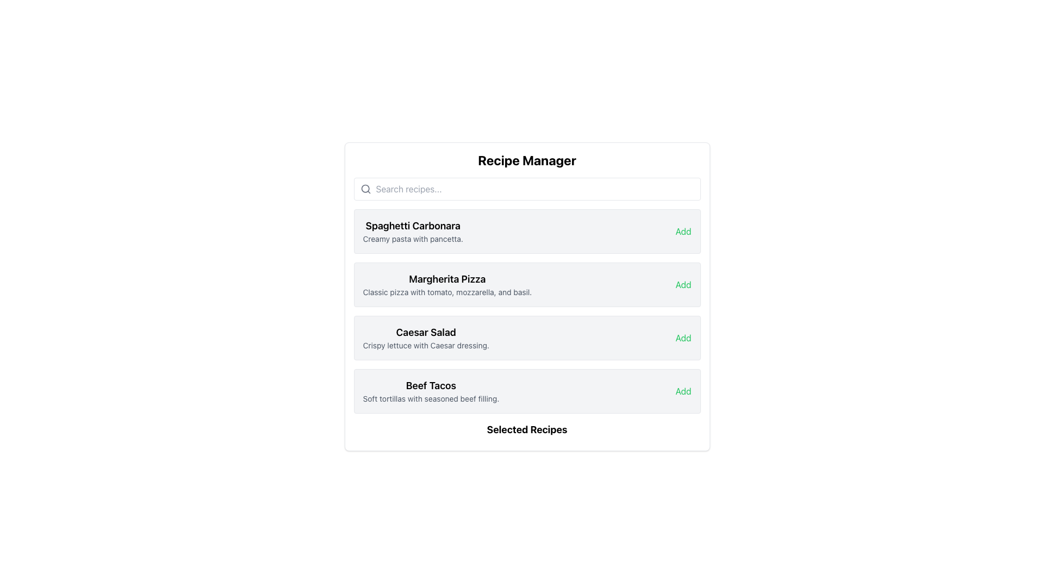  I want to click on text from the 'Beef Tacos' text label, which is a large, bold label positioned at the top of the menu item card, so click(430, 385).